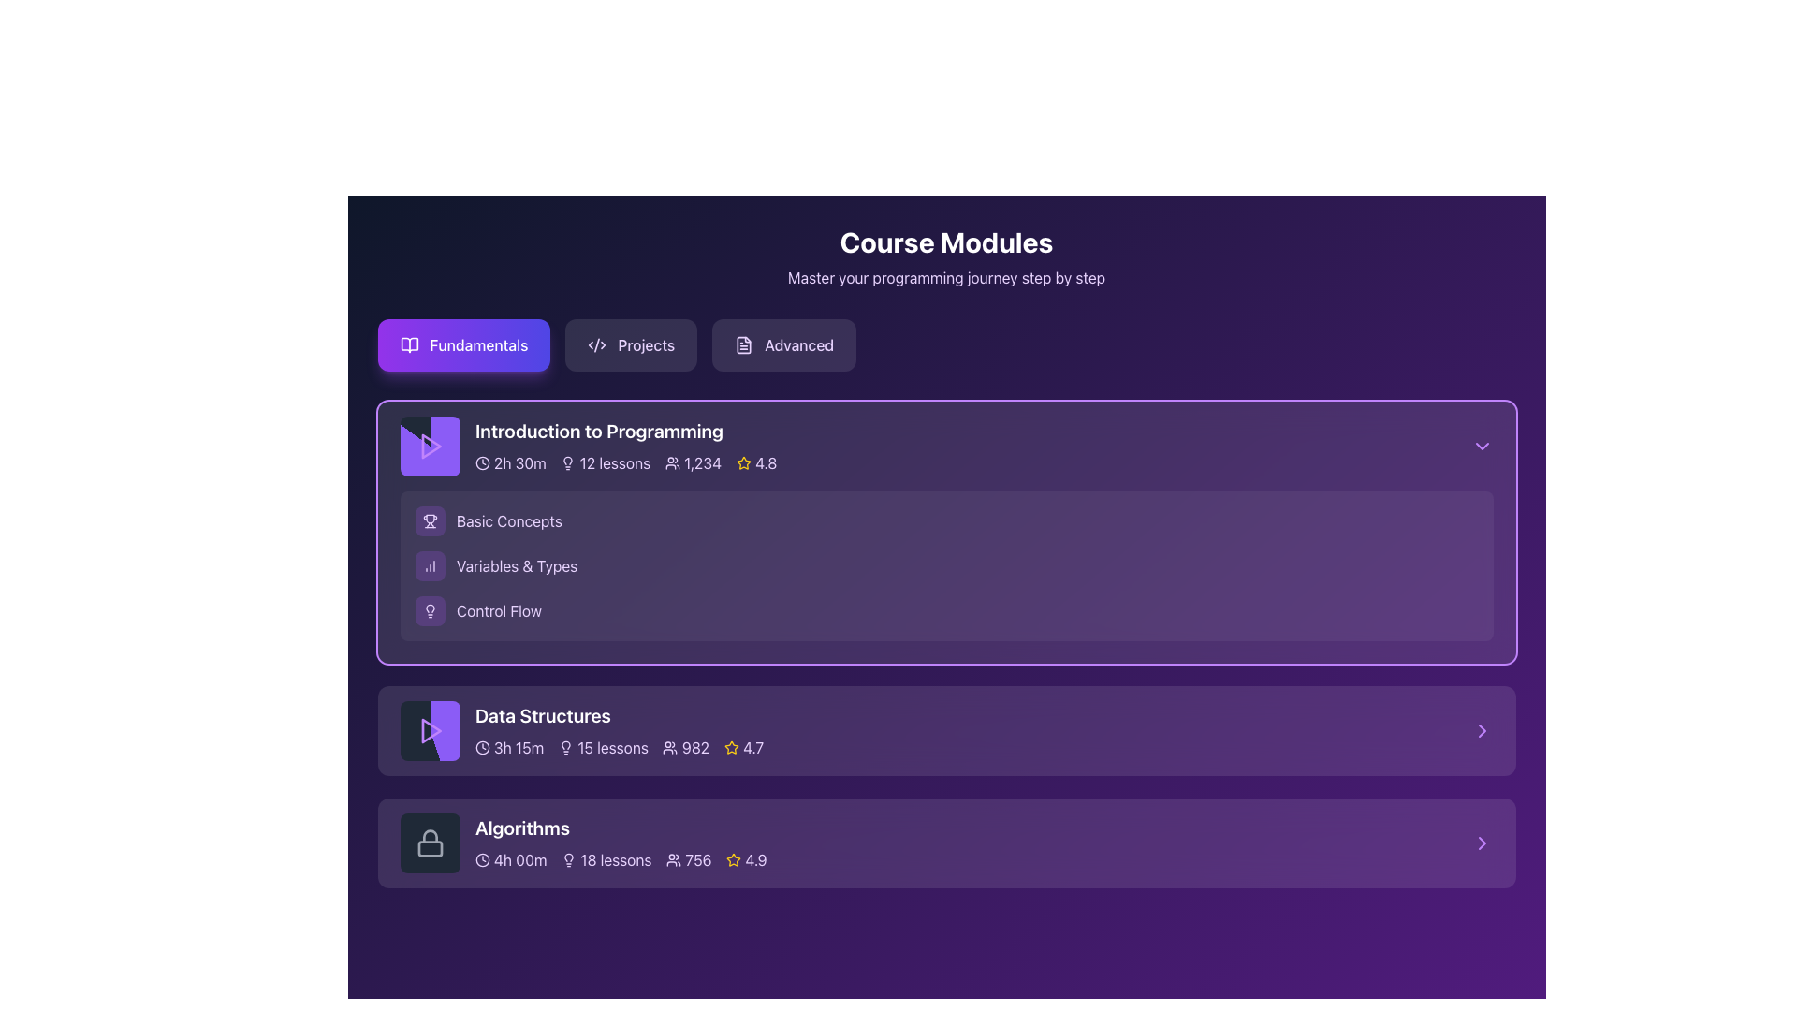  What do you see at coordinates (692, 462) in the screenshot?
I see `the third information display group, which includes an icon resembling users and the text '1,234', located in the top section of the list item named 'Introduction to Programming'` at bounding box center [692, 462].